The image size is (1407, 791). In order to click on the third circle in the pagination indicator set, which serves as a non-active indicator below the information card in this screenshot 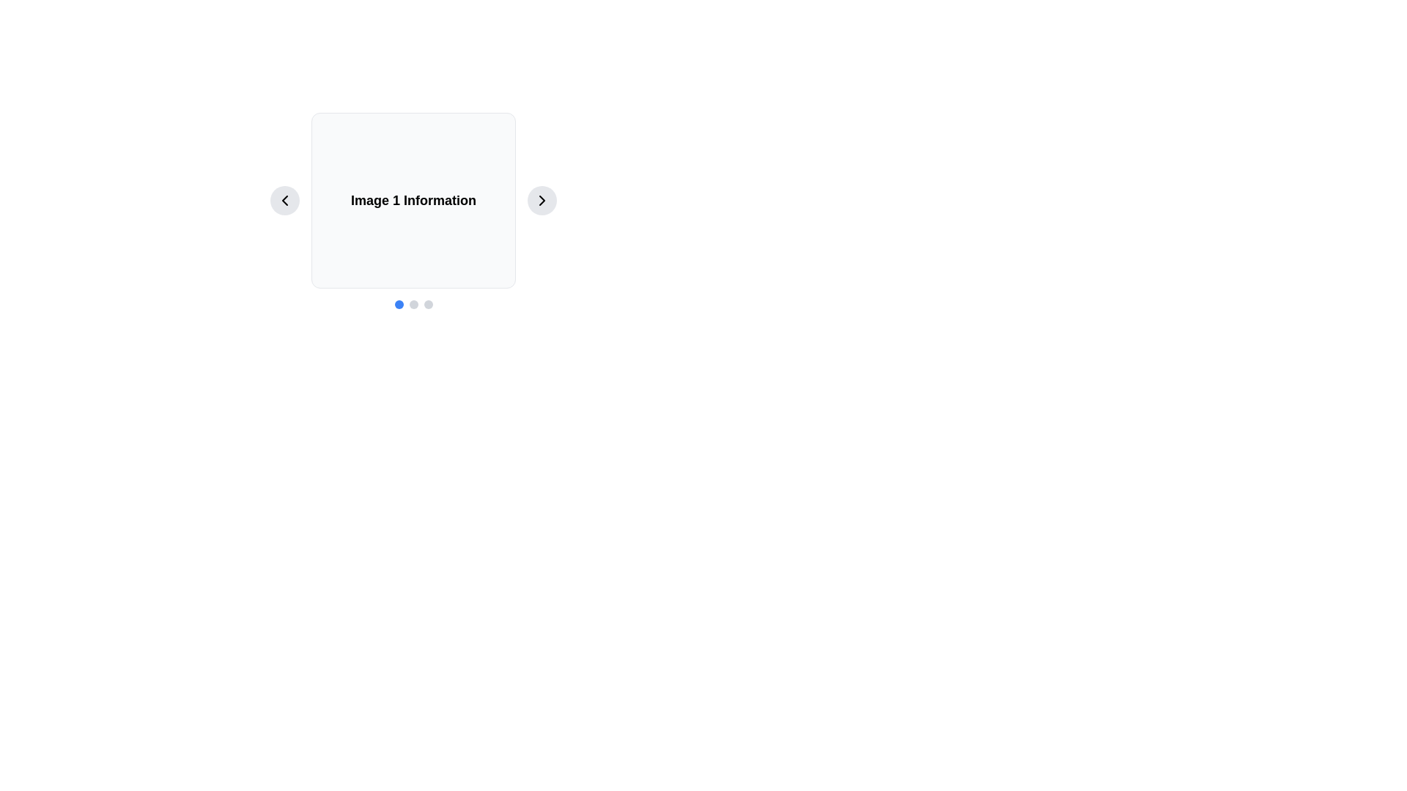, I will do `click(427, 304)`.